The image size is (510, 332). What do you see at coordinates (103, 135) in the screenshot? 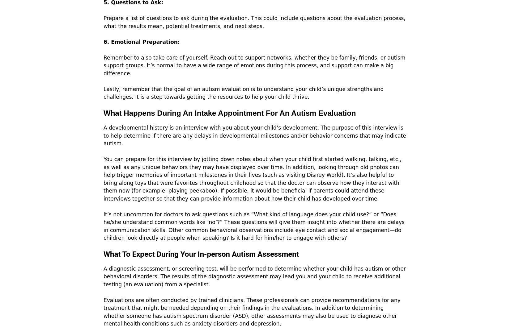
I see `'A developmental history is an interview with you about your child’s development. The purpose of this interview is to help determine if there are any delays in developmental milestones and/or behavior concerns that may indicate autism.'` at bounding box center [103, 135].